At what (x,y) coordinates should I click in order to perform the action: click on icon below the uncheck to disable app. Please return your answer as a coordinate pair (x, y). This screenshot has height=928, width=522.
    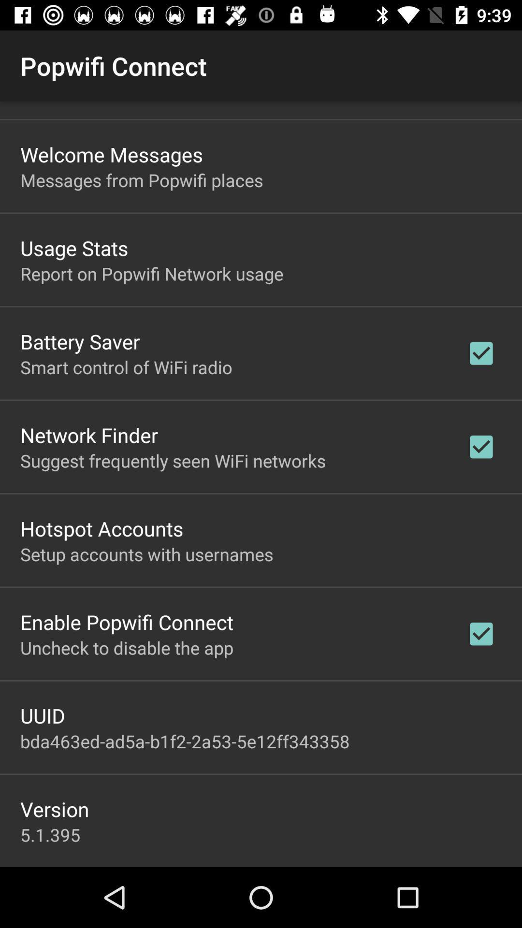
    Looking at the image, I should click on (42, 715).